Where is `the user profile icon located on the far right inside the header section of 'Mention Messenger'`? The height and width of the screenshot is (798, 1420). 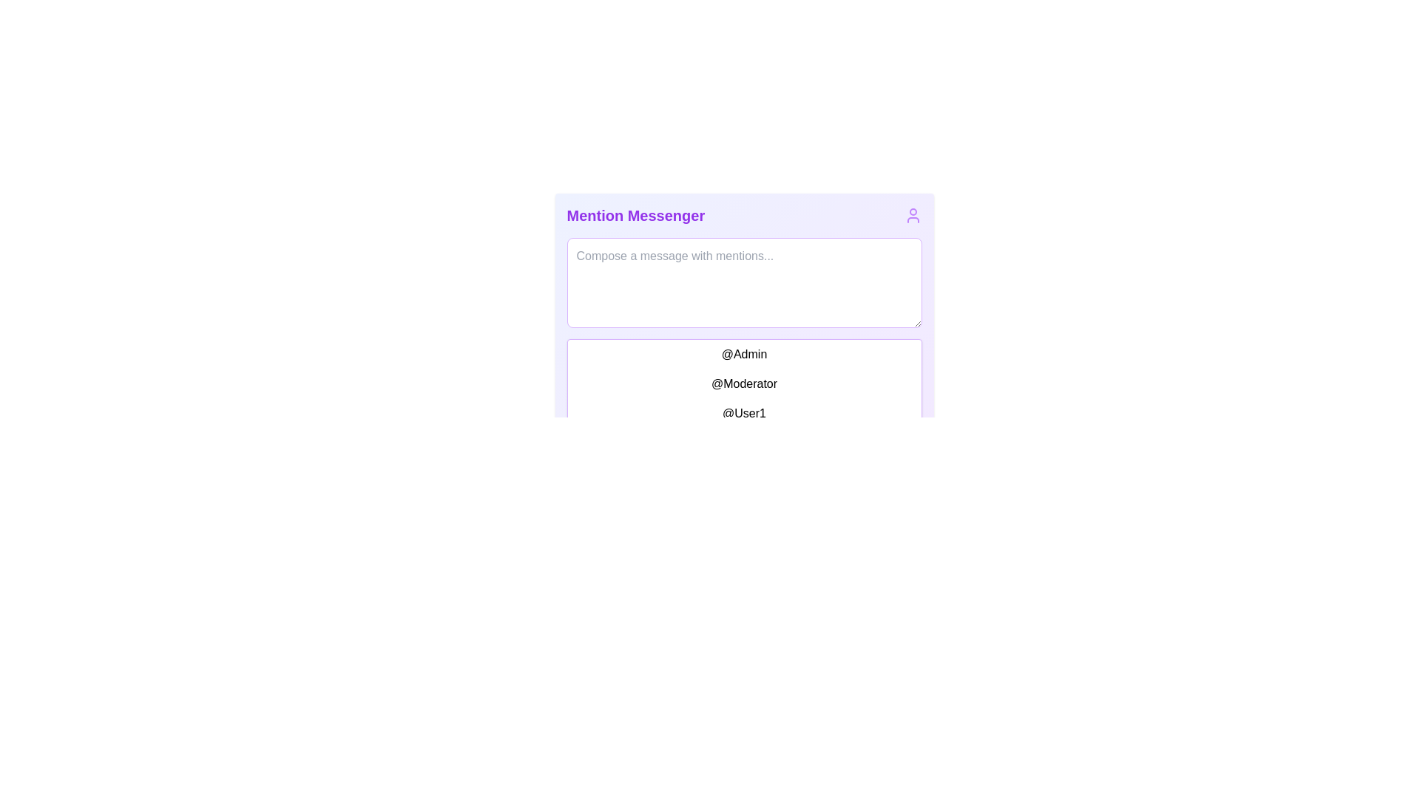
the user profile icon located on the far right inside the header section of 'Mention Messenger' is located at coordinates (912, 216).